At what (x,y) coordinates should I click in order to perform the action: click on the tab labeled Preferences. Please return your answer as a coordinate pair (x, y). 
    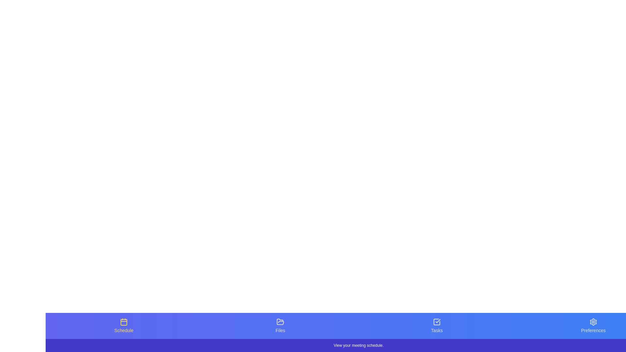
    Looking at the image, I should click on (593, 326).